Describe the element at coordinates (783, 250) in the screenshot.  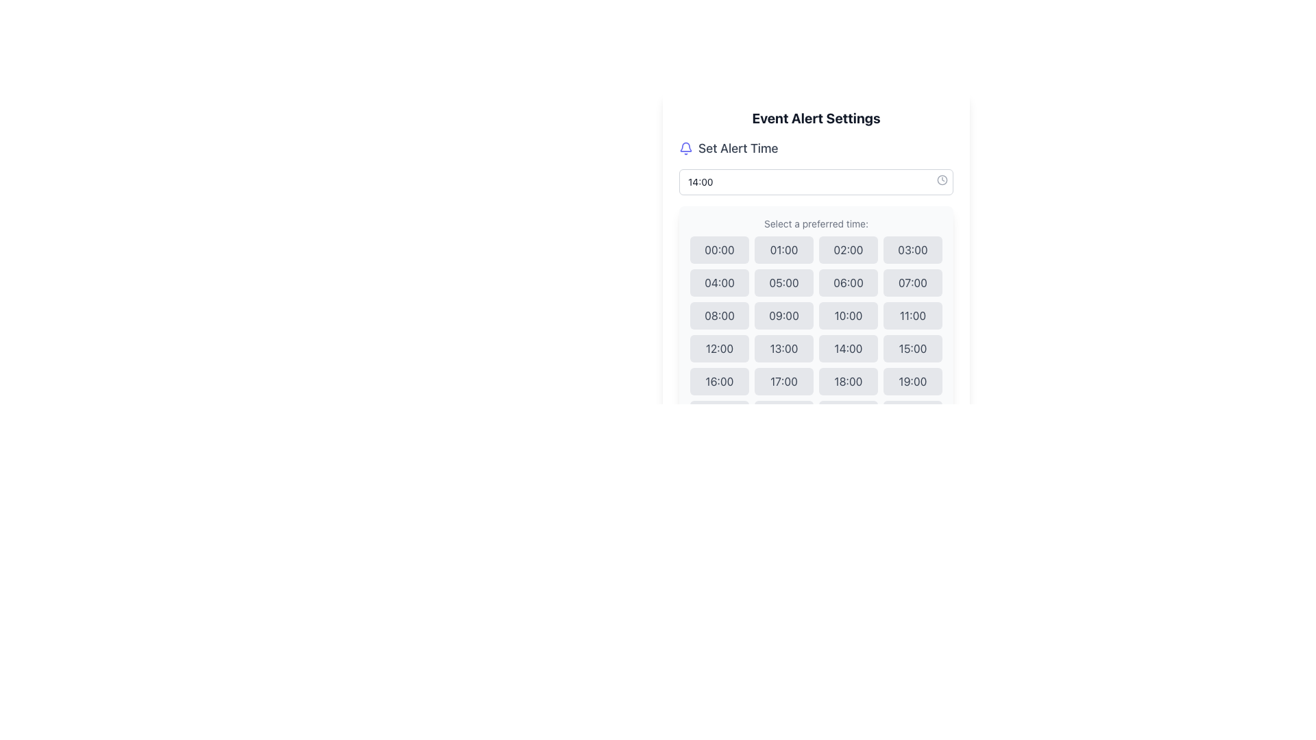
I see `the button labeled '01:00' with a light gray background located in the second column of the first row under the 'Select a preferred time:' section to observe a visual change` at that location.